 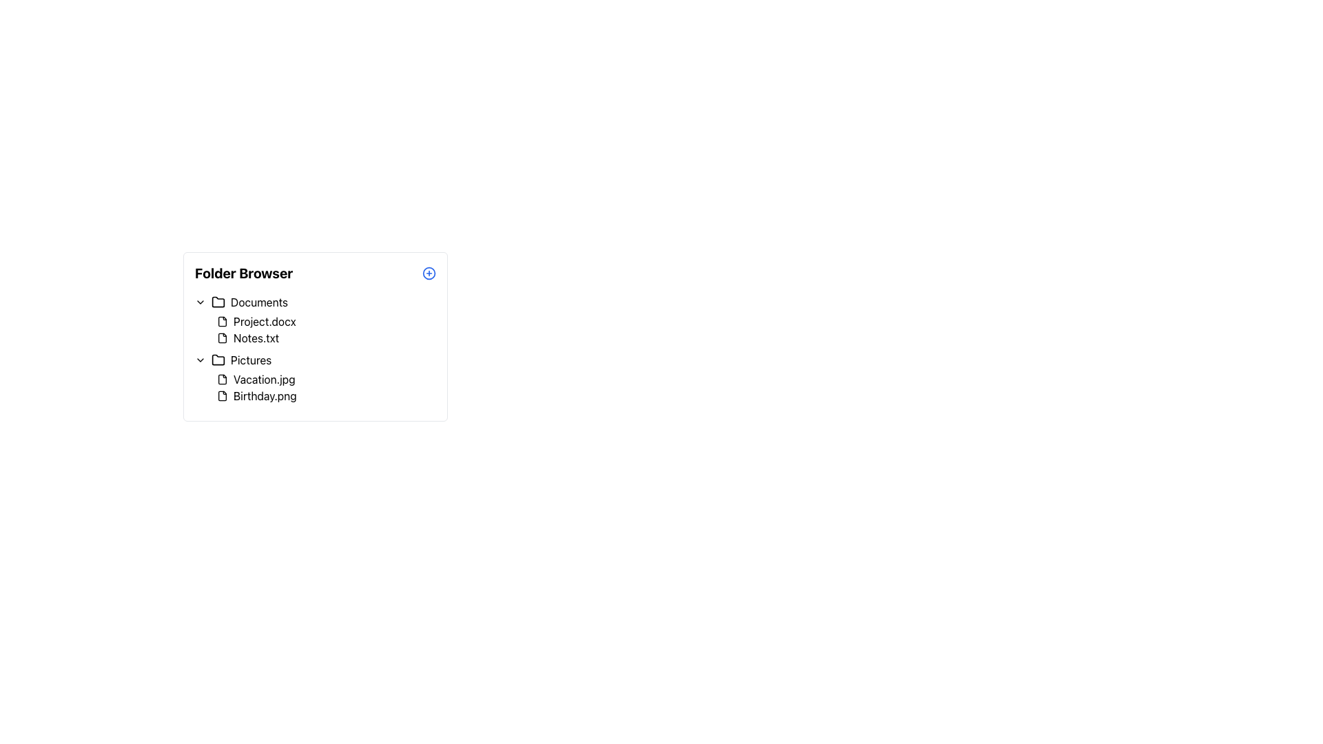 I want to click on the interactive button for adding a new folder within the 'Folder Browser' interface, so click(x=429, y=273).